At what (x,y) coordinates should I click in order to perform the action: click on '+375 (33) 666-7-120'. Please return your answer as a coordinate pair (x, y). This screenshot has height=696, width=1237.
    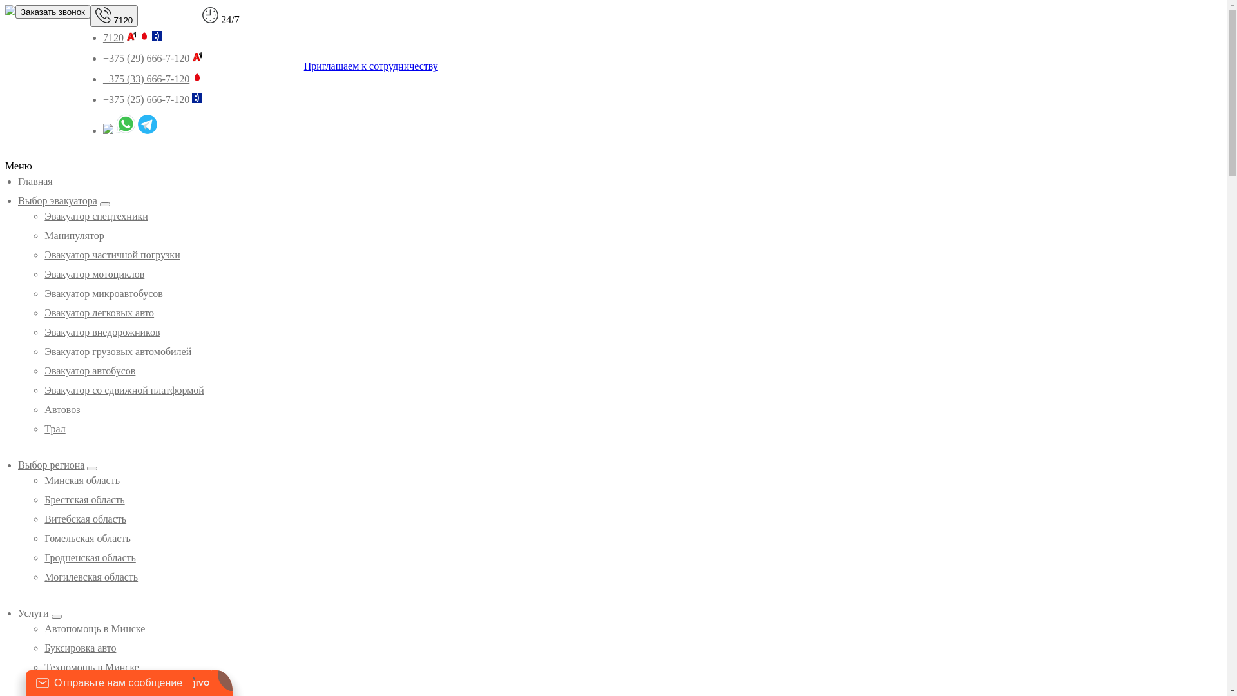
    Looking at the image, I should click on (146, 79).